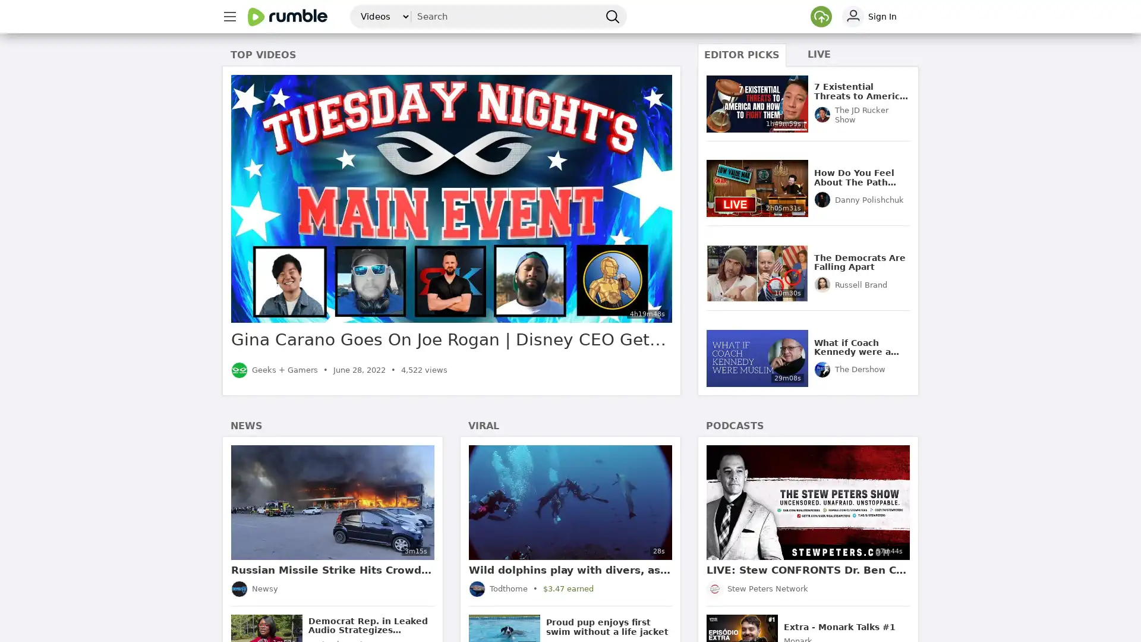 Image resolution: width=1141 pixels, height=642 pixels. What do you see at coordinates (229, 16) in the screenshot?
I see `main menu` at bounding box center [229, 16].